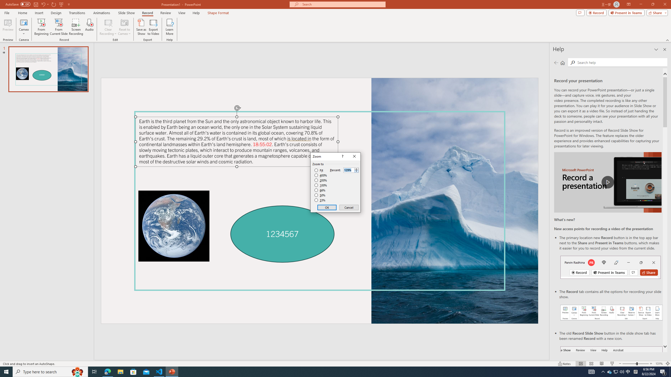 Image resolution: width=671 pixels, height=377 pixels. I want to click on 'Record your presentations screenshot one', so click(611, 312).